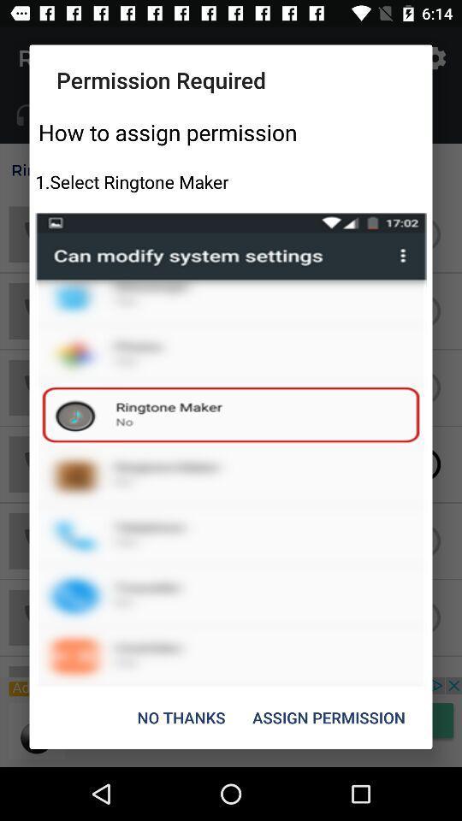 This screenshot has height=821, width=462. Describe the element at coordinates (181, 718) in the screenshot. I see `no thanks item` at that location.